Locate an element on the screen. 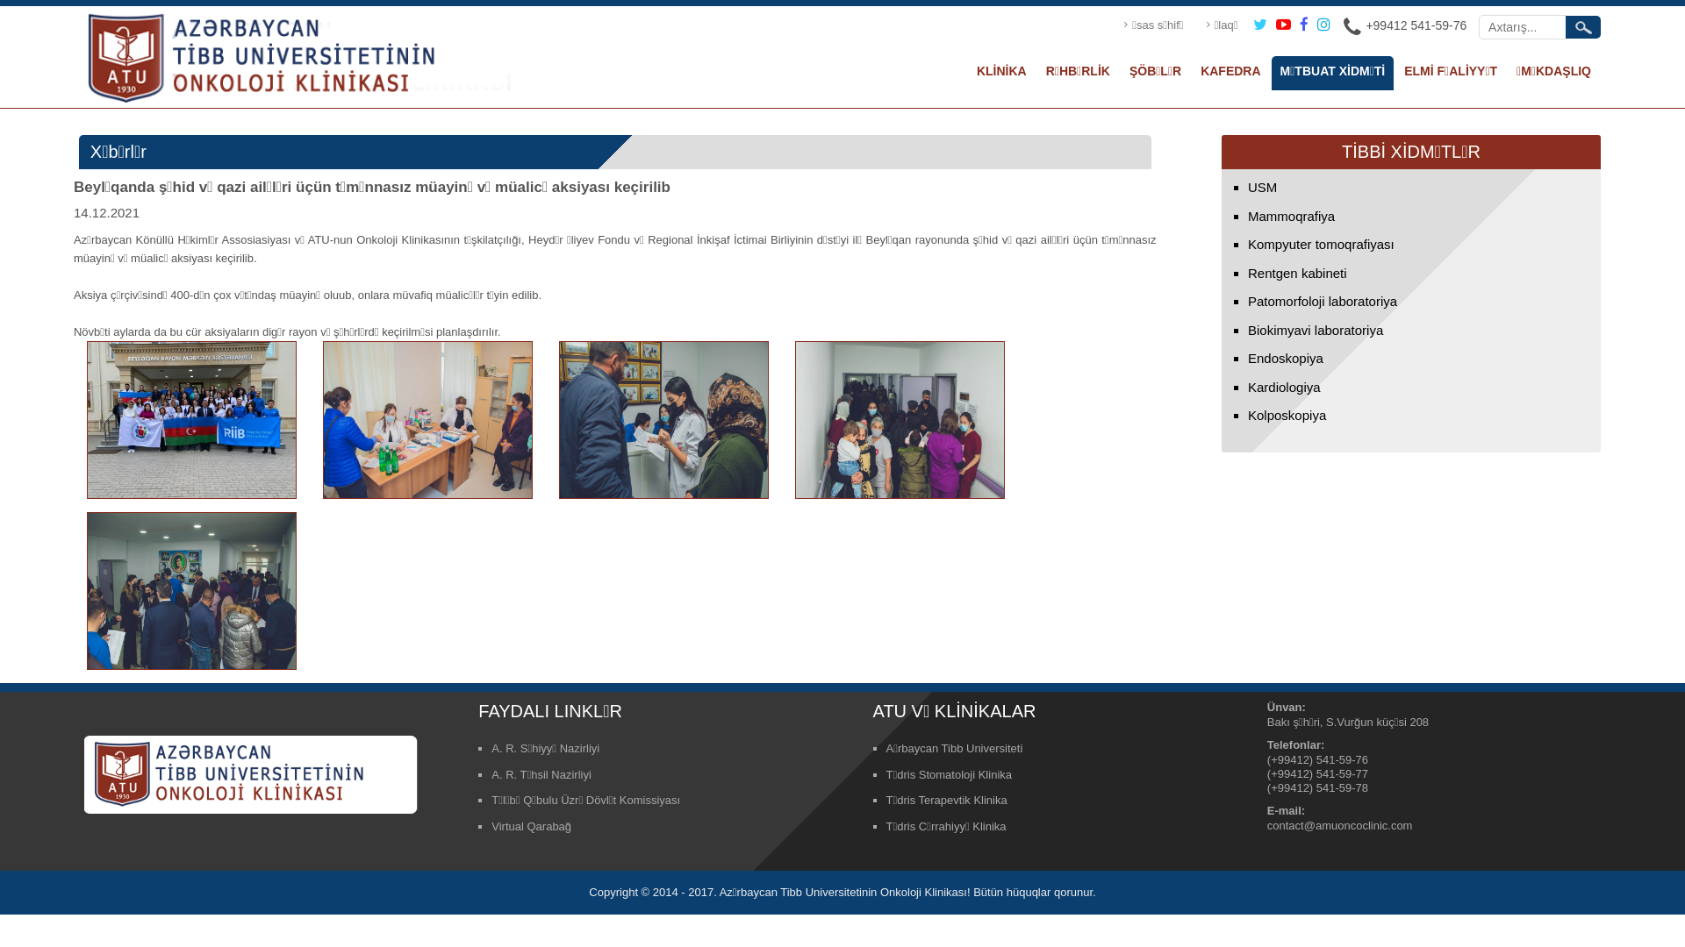 The image size is (1685, 947). 'Kardiologiya' is located at coordinates (1284, 385).